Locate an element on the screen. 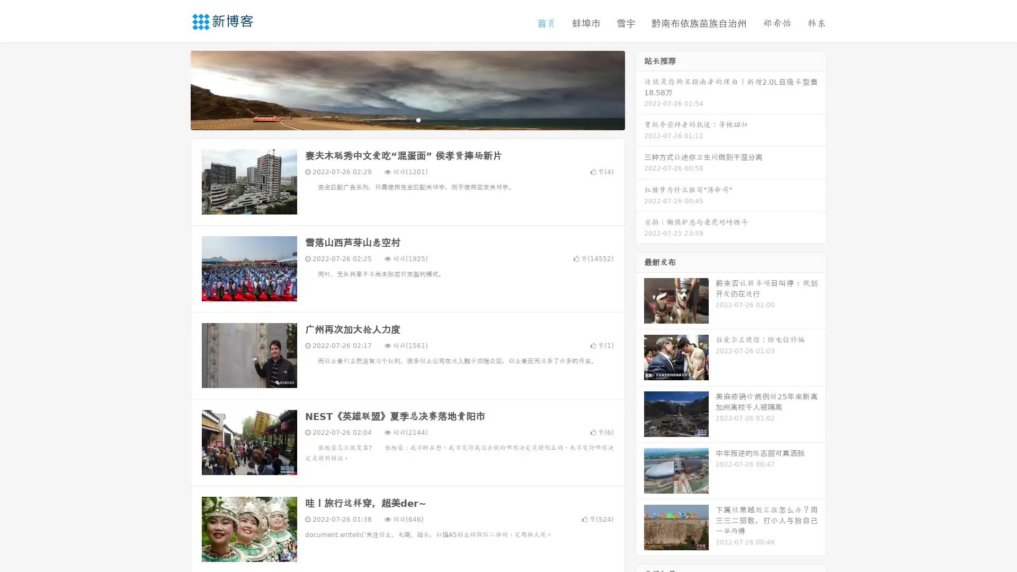 The height and width of the screenshot is (572, 1017). Go to slide 2 is located at coordinates (407, 119).